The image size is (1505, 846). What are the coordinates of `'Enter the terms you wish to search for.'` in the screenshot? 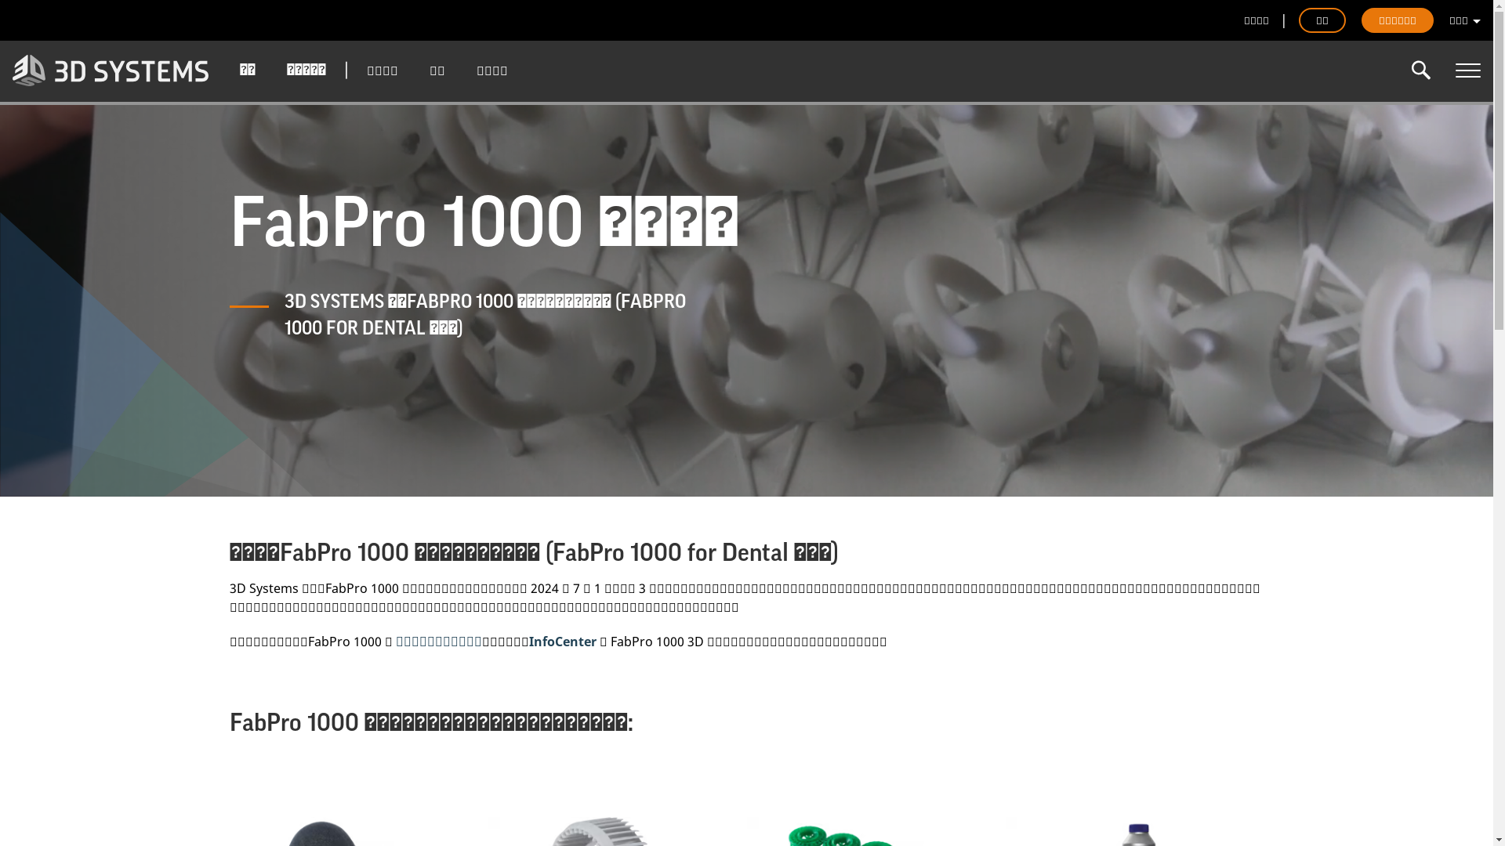 It's located at (1405, 69).